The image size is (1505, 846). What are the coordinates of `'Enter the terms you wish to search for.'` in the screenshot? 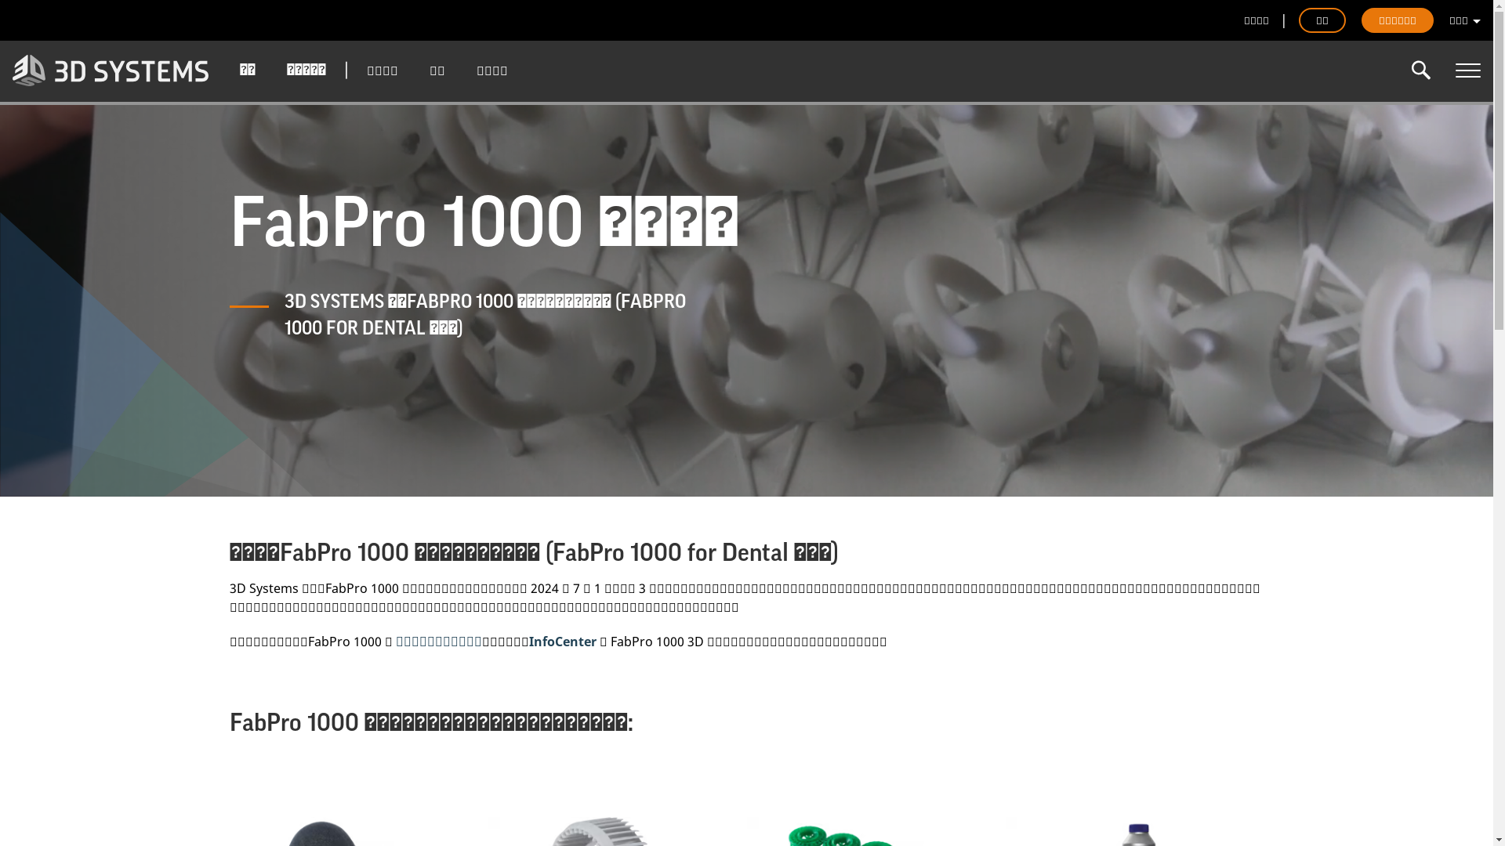 It's located at (1405, 69).